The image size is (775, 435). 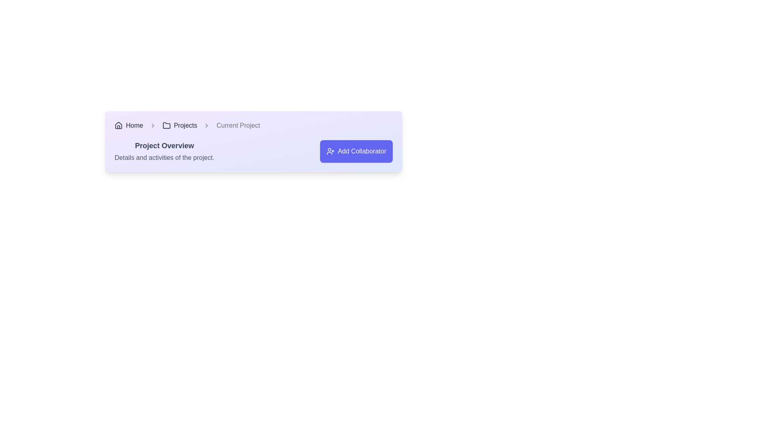 What do you see at coordinates (238, 126) in the screenshot?
I see `the 'Current Project' text label in the breadcrumb navigation, which is styled in medium gray and positioned to the right of the 'Projects' text` at bounding box center [238, 126].